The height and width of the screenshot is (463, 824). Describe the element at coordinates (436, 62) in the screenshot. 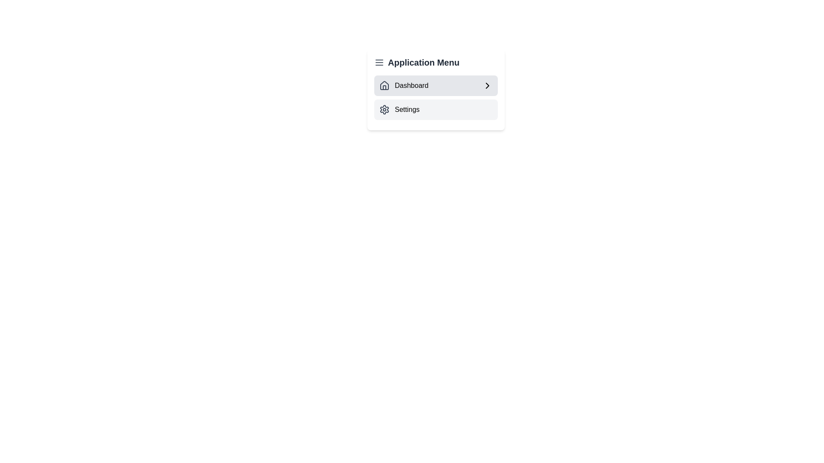

I see `the title text label at the top of the menu interface, which provides context for navigation options` at that location.